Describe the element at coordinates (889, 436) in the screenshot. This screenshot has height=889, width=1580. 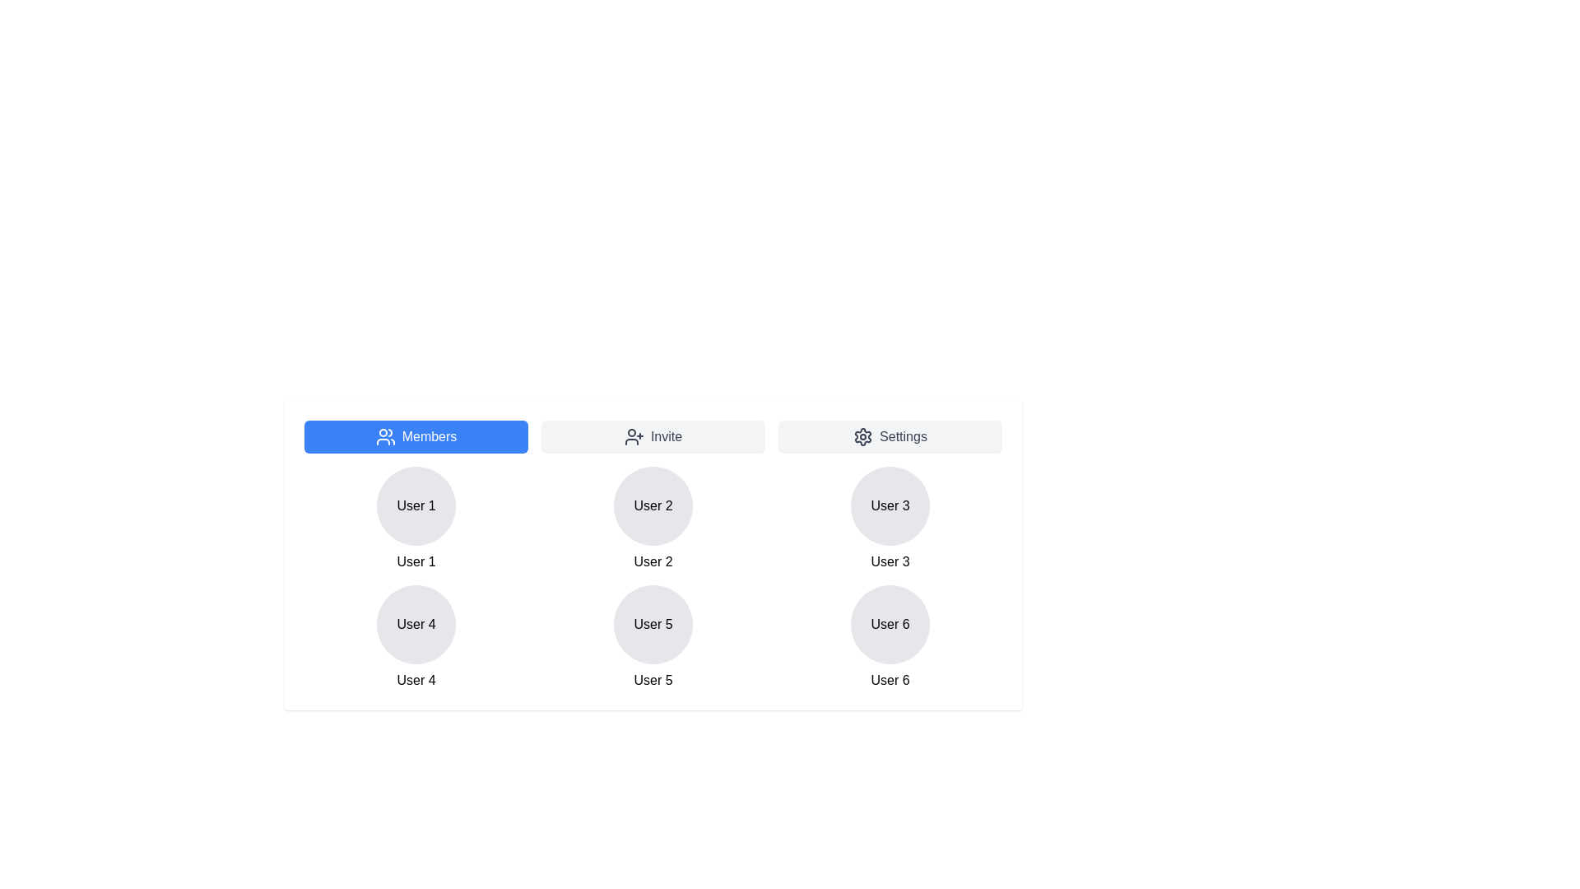
I see `the 'Settings' button, which is the third button in a horizontal row of buttons labeled 'Members', 'Invite', and 'Settings', located at the bottom right of the interface` at that location.